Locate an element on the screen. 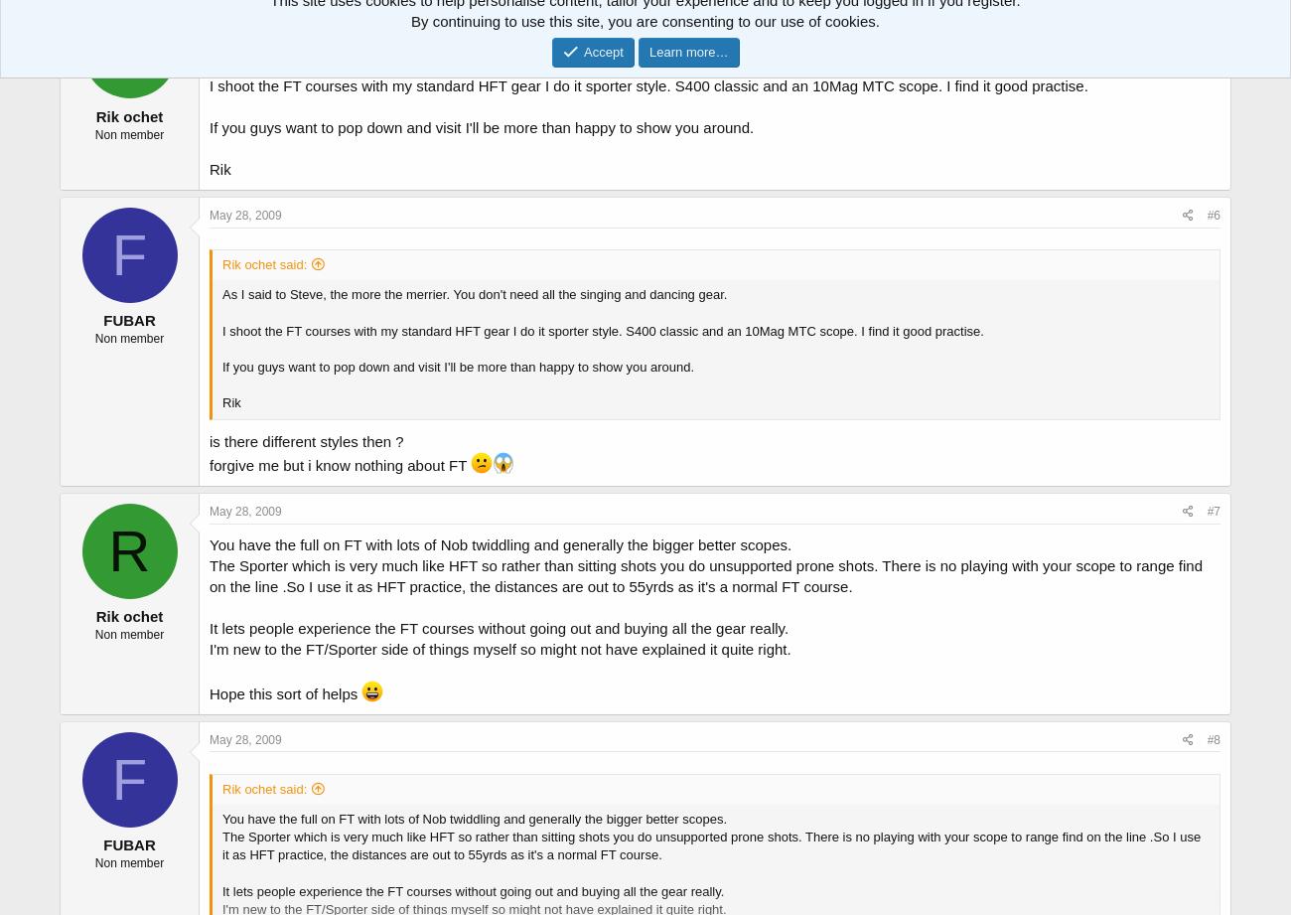 The height and width of the screenshot is (915, 1291). 'forgive me but i know nothing about FT' is located at coordinates (339, 463).